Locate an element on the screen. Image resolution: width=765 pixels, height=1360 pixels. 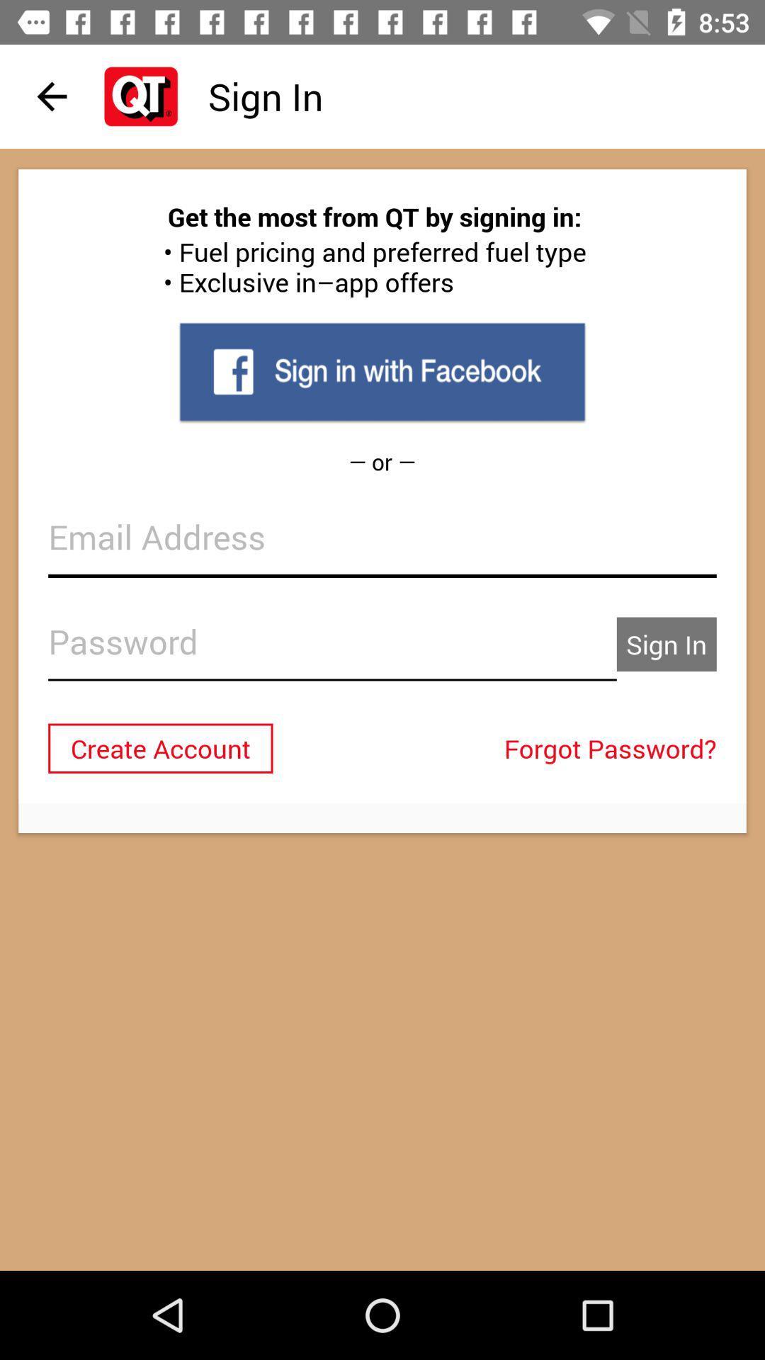
forgot password? icon is located at coordinates (613, 747).